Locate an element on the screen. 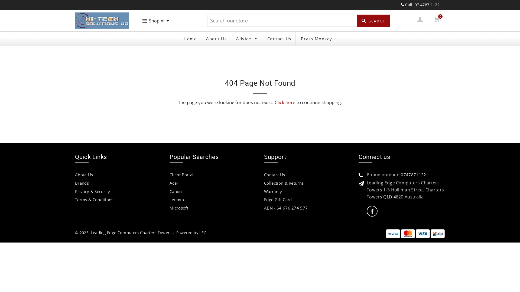 Image resolution: width=520 pixels, height=292 pixels. 'Click here' is located at coordinates (285, 102).